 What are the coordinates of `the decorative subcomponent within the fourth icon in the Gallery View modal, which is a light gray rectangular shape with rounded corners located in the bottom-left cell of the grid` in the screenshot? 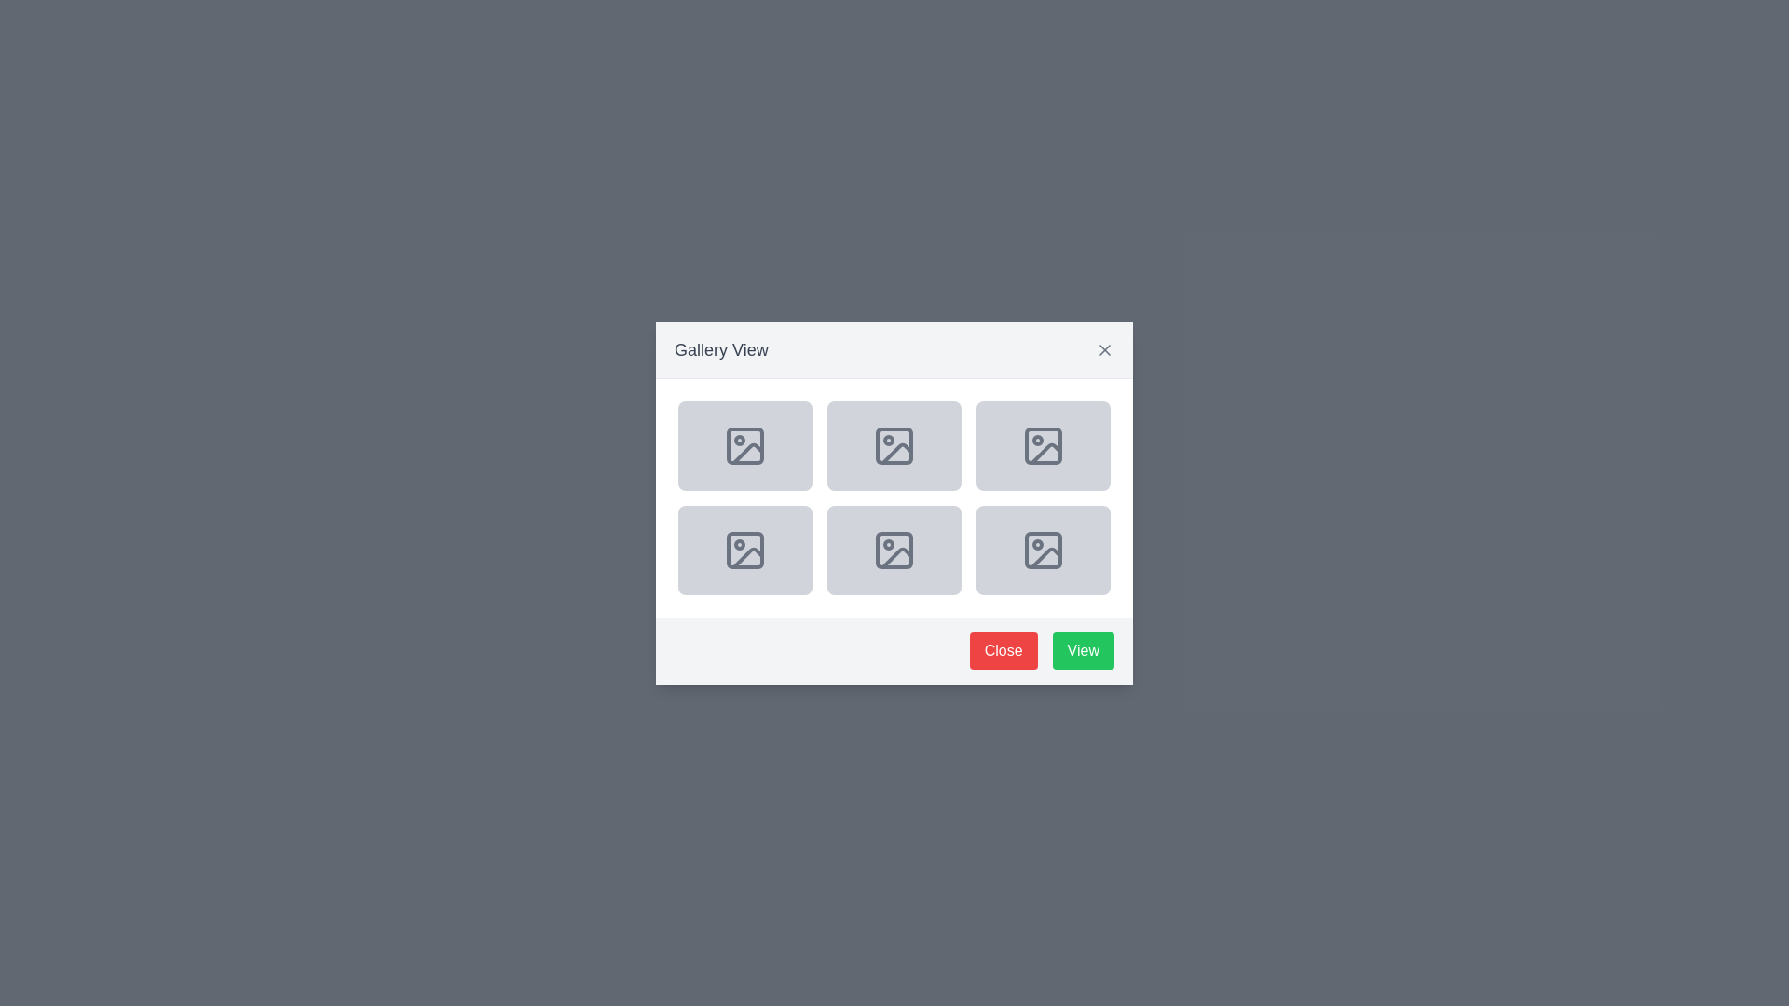 It's located at (894, 549).